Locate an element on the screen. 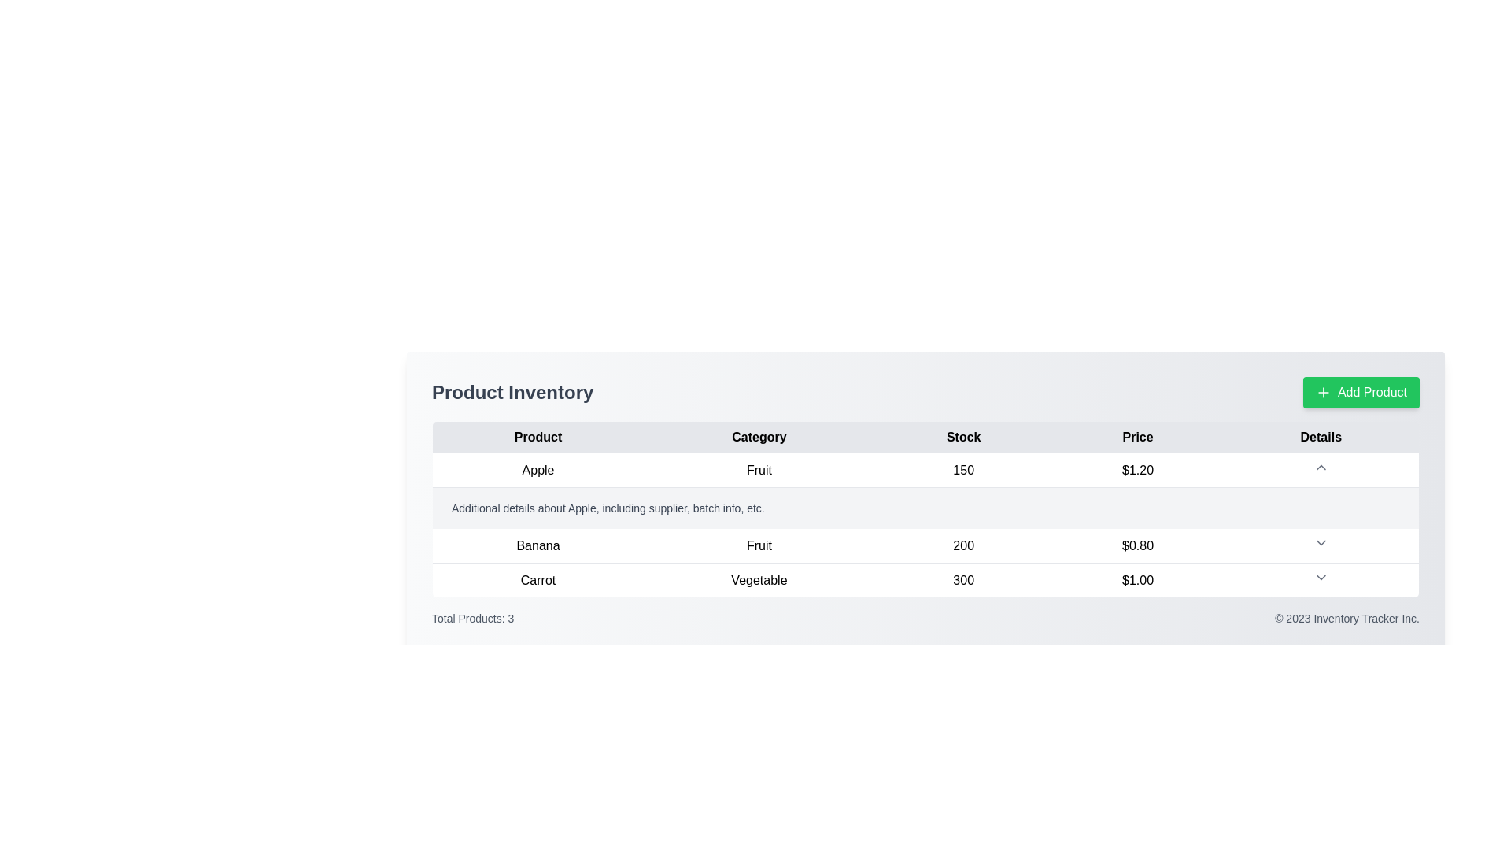 Image resolution: width=1511 pixels, height=850 pixels. the static text label displaying the copyright notice '© 2023 Inventory Tracker Inc.' located in the bottom-right corner of the interface is located at coordinates (1347, 618).